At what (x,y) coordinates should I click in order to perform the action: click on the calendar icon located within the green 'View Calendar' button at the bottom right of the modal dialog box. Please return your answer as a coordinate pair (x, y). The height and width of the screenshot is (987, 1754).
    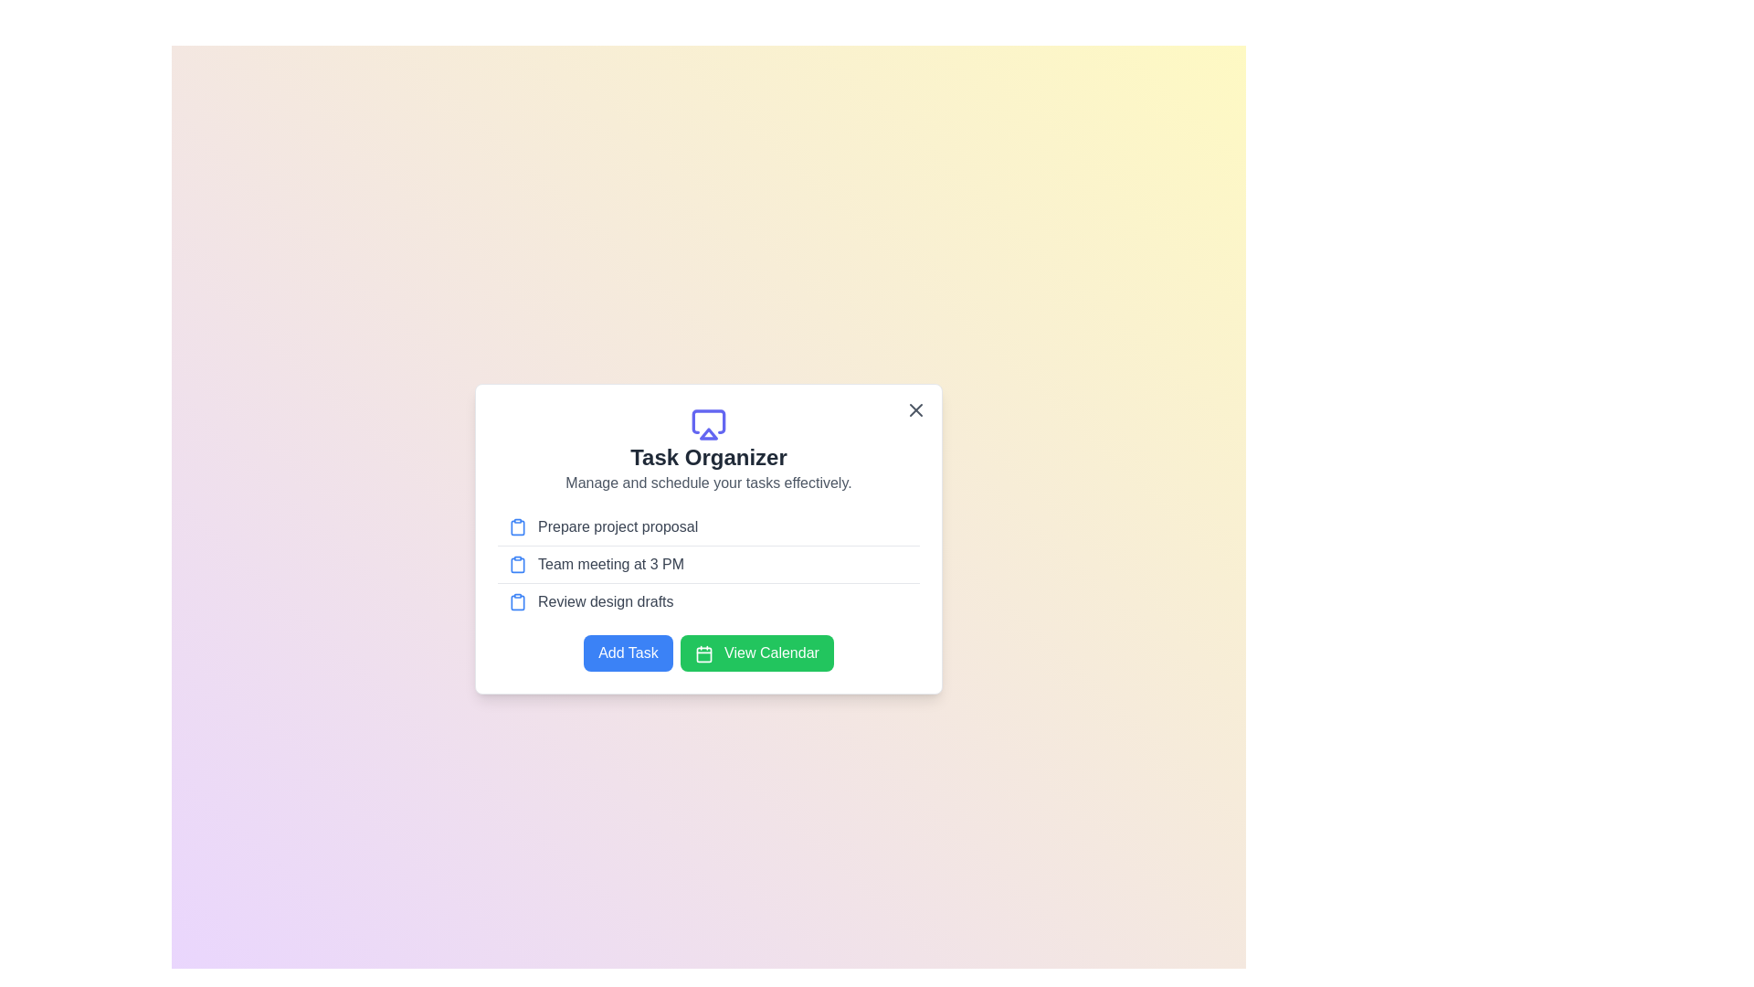
    Looking at the image, I should click on (703, 653).